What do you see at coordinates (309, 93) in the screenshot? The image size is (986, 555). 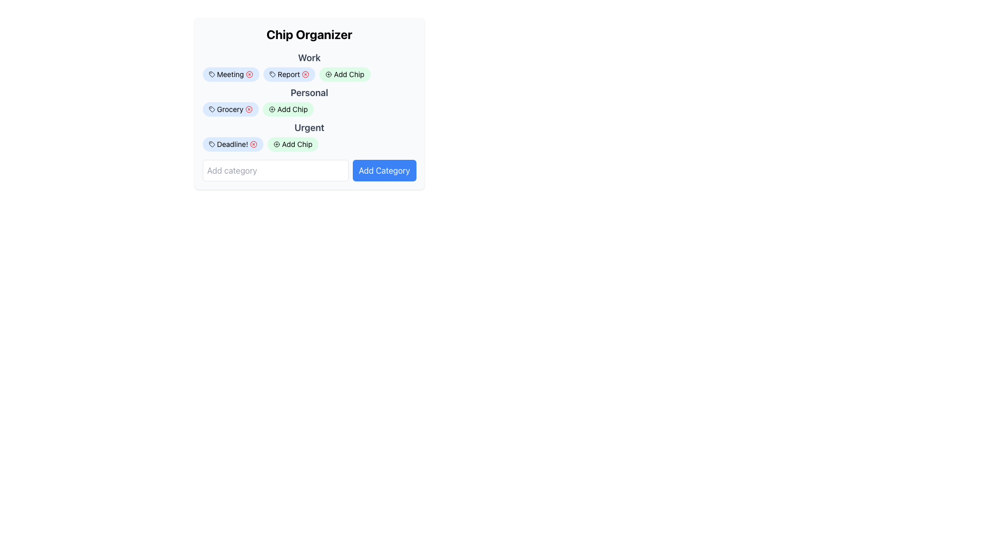 I see `the Text Header element that serves as the title for the 'Personal' category, which is centrally located and positioned between 'Work' and 'Grocery Add Chip'` at bounding box center [309, 93].